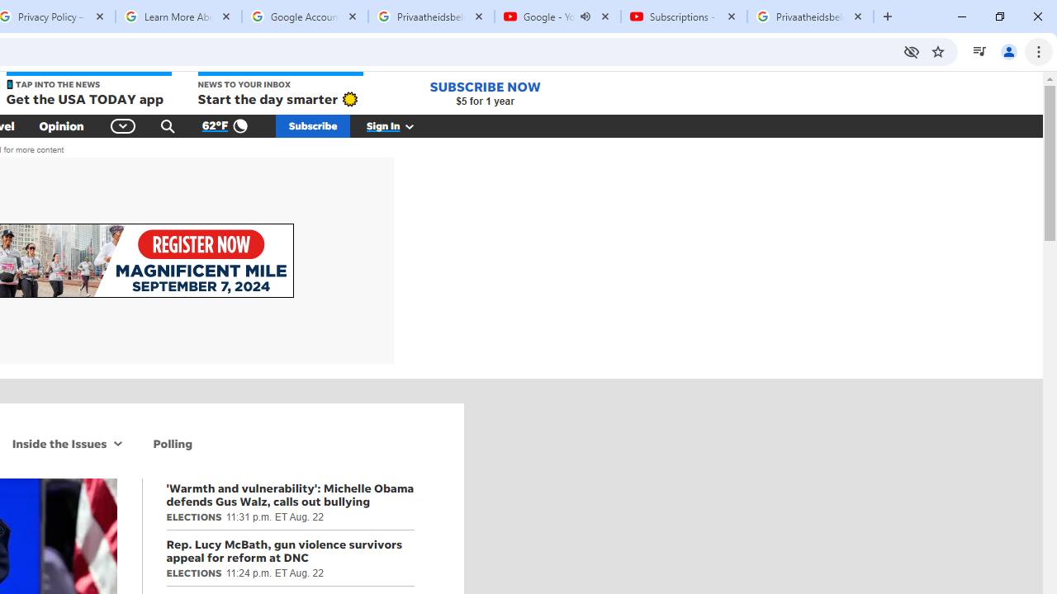 This screenshot has height=594, width=1057. I want to click on 'Subscriptions - YouTube', so click(684, 16).